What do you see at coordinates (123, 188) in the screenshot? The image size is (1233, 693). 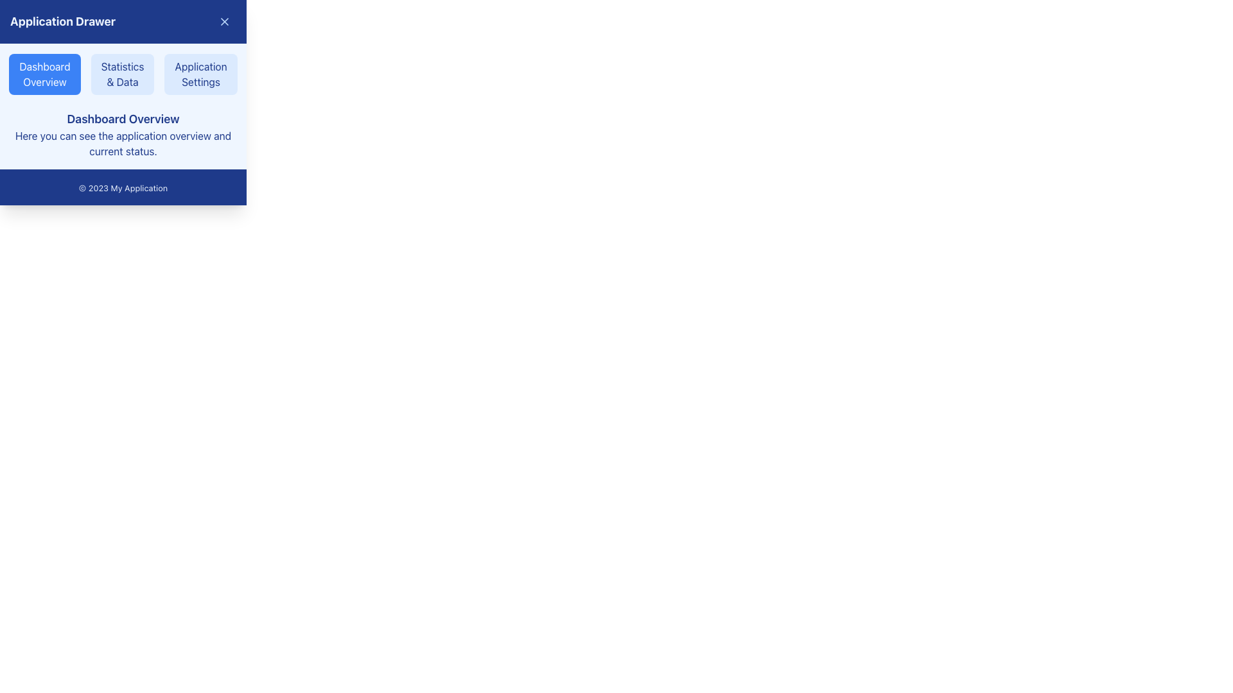 I see `the copyright notice text located at the bottom of the application drawer, centered in the blue footer section` at bounding box center [123, 188].